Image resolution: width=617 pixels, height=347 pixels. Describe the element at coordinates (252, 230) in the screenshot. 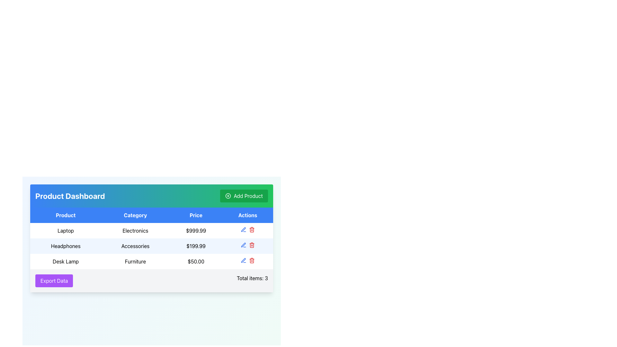

I see `the main body of the trash can icon located in the second button under the 'Actions' column of a table row, which signifies a 'delete' action` at that location.